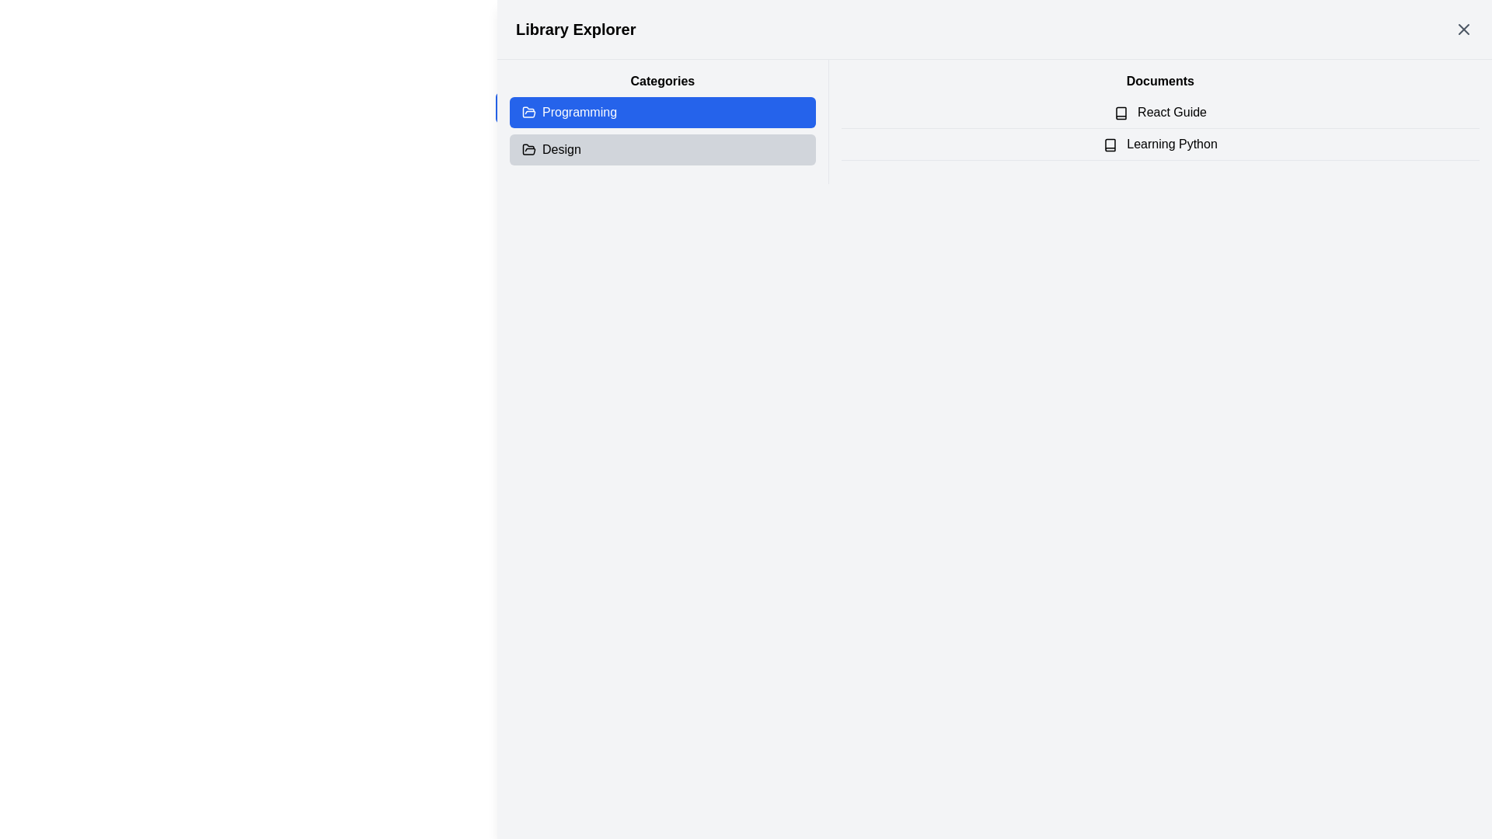  What do you see at coordinates (662, 81) in the screenshot?
I see `text content of the label positioned above the category list in the left panel of the interface` at bounding box center [662, 81].